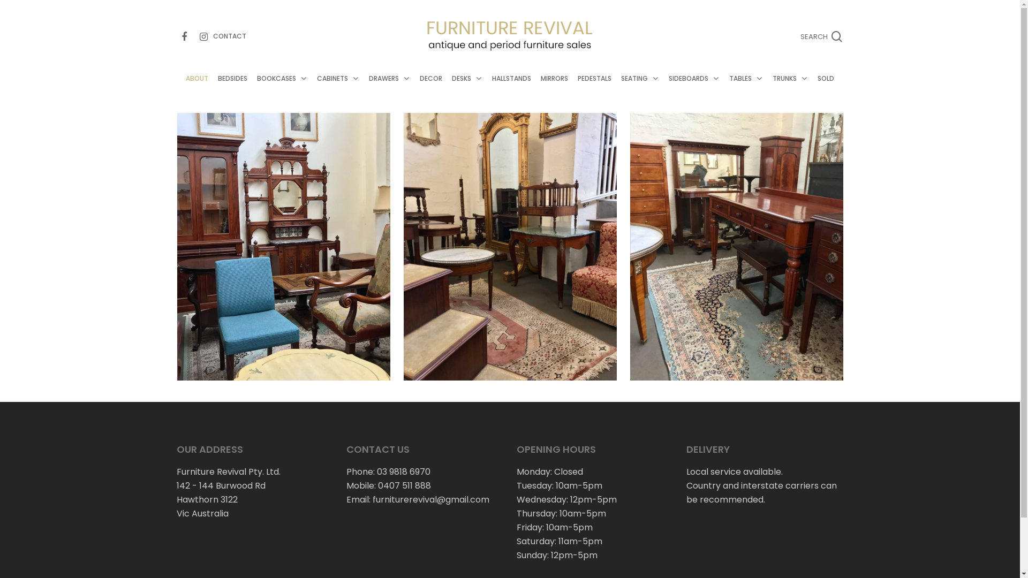 Image resolution: width=1028 pixels, height=578 pixels. Describe the element at coordinates (229, 35) in the screenshot. I see `'CONTACT'` at that location.